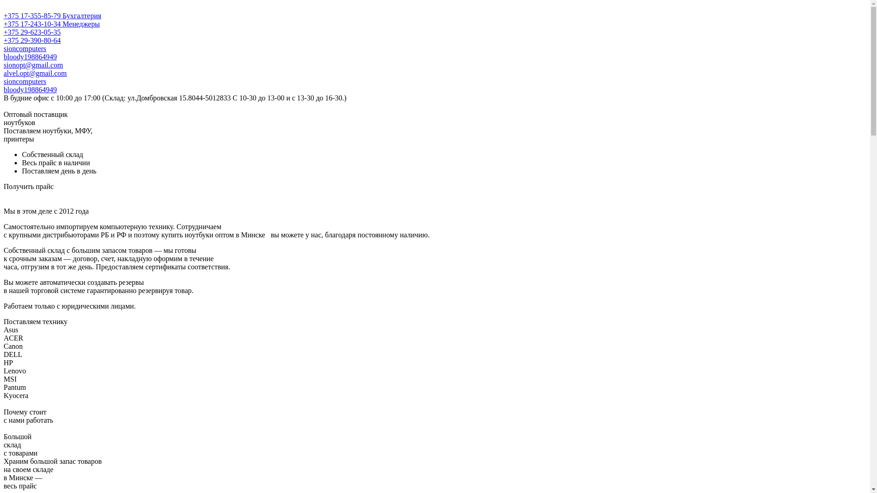  Describe the element at coordinates (33, 64) in the screenshot. I see `'sionopt@gmail.com'` at that location.